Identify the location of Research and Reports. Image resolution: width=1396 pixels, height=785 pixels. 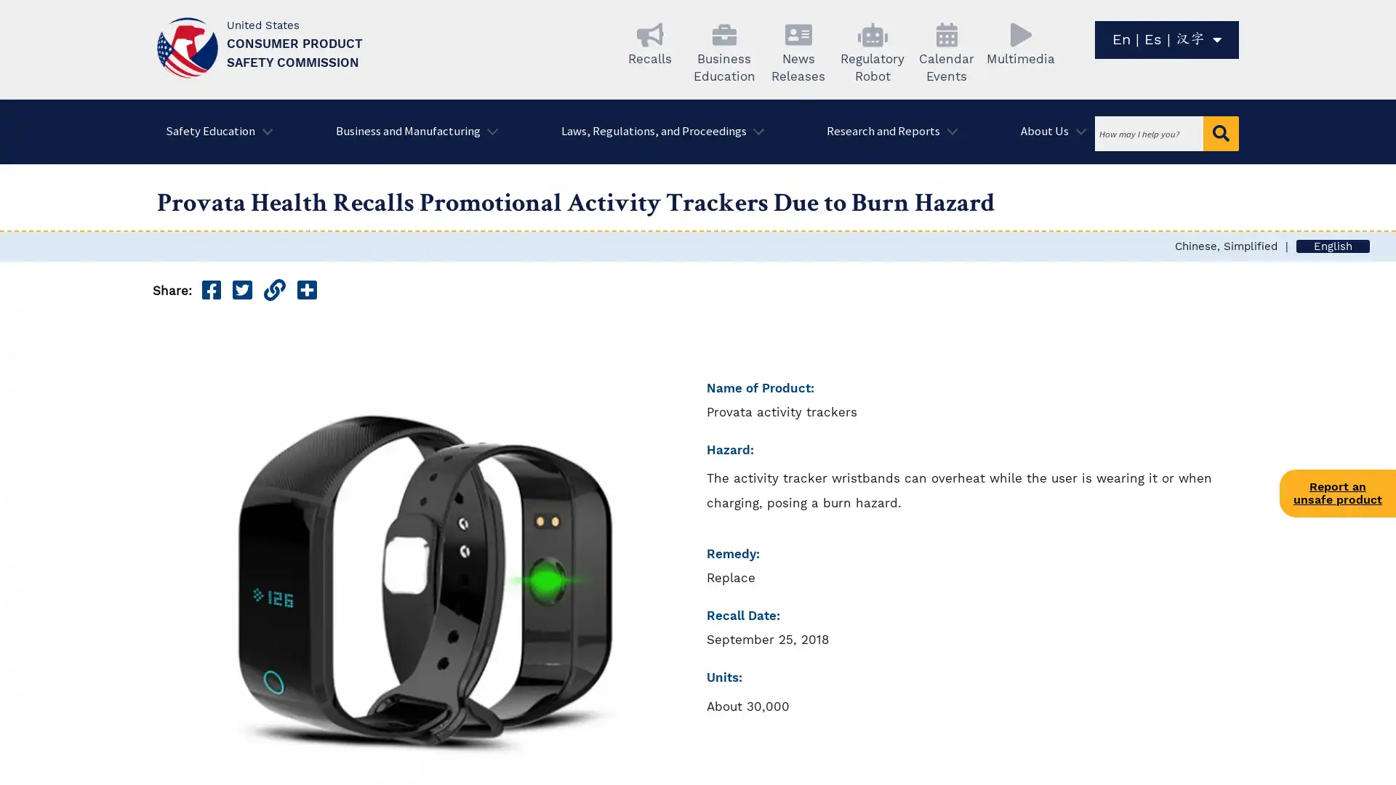
(886, 132).